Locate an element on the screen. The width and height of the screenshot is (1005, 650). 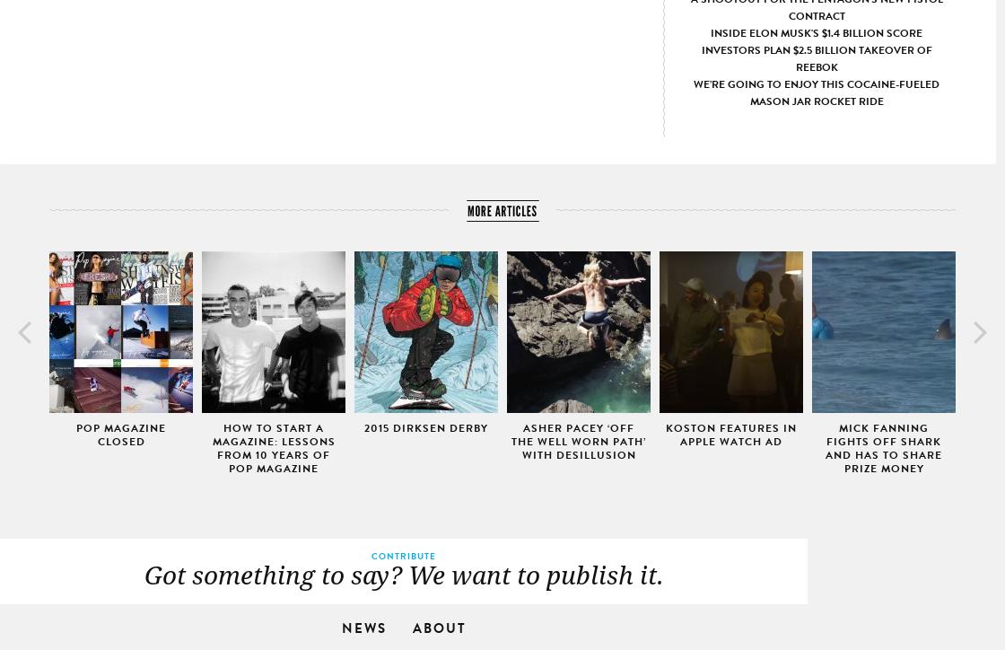
'Pop Magazine Closed' is located at coordinates (120, 434).